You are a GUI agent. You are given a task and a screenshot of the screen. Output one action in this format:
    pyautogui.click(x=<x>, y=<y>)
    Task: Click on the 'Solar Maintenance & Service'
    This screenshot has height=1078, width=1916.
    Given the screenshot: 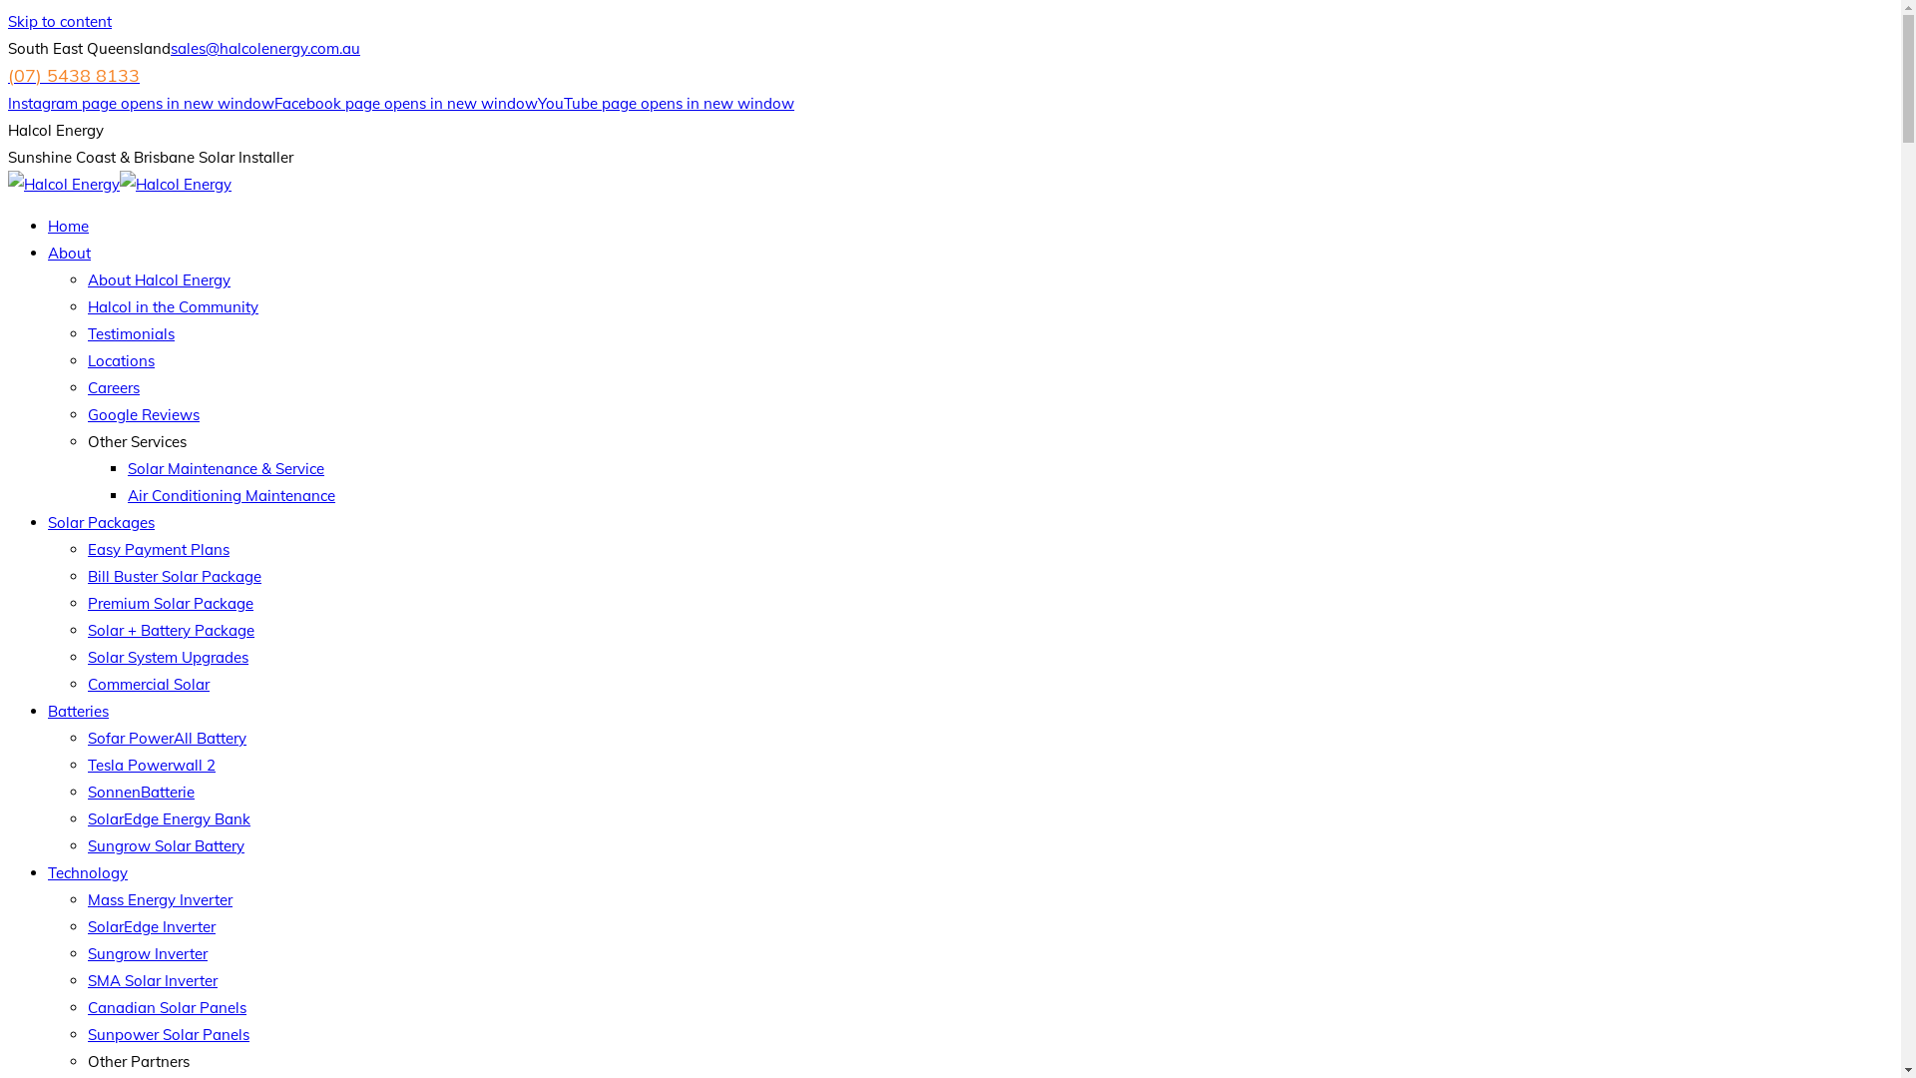 What is the action you would take?
    pyautogui.click(x=226, y=468)
    